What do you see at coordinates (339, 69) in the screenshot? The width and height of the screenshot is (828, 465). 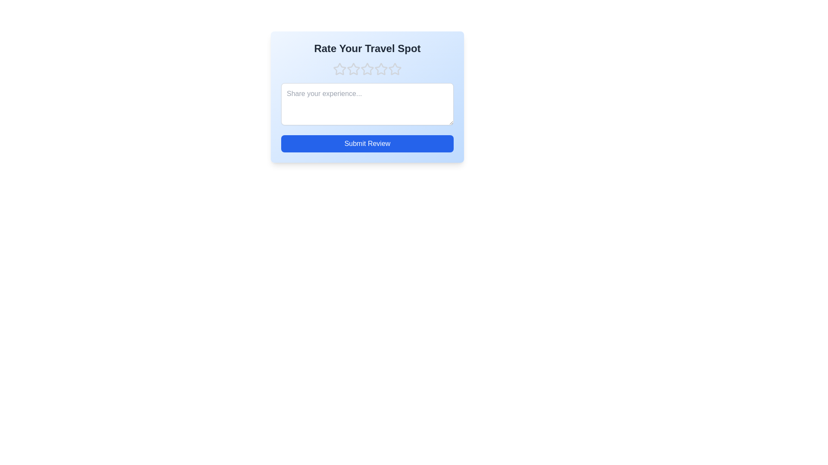 I see `the travel spot rating to 1 stars by clicking on the corresponding star` at bounding box center [339, 69].